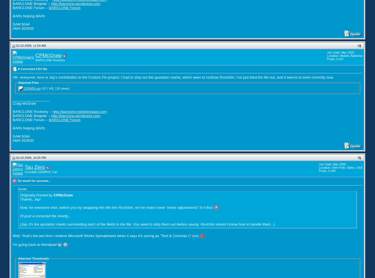  I want to click on 'Craig McGraw', so click(24, 103).